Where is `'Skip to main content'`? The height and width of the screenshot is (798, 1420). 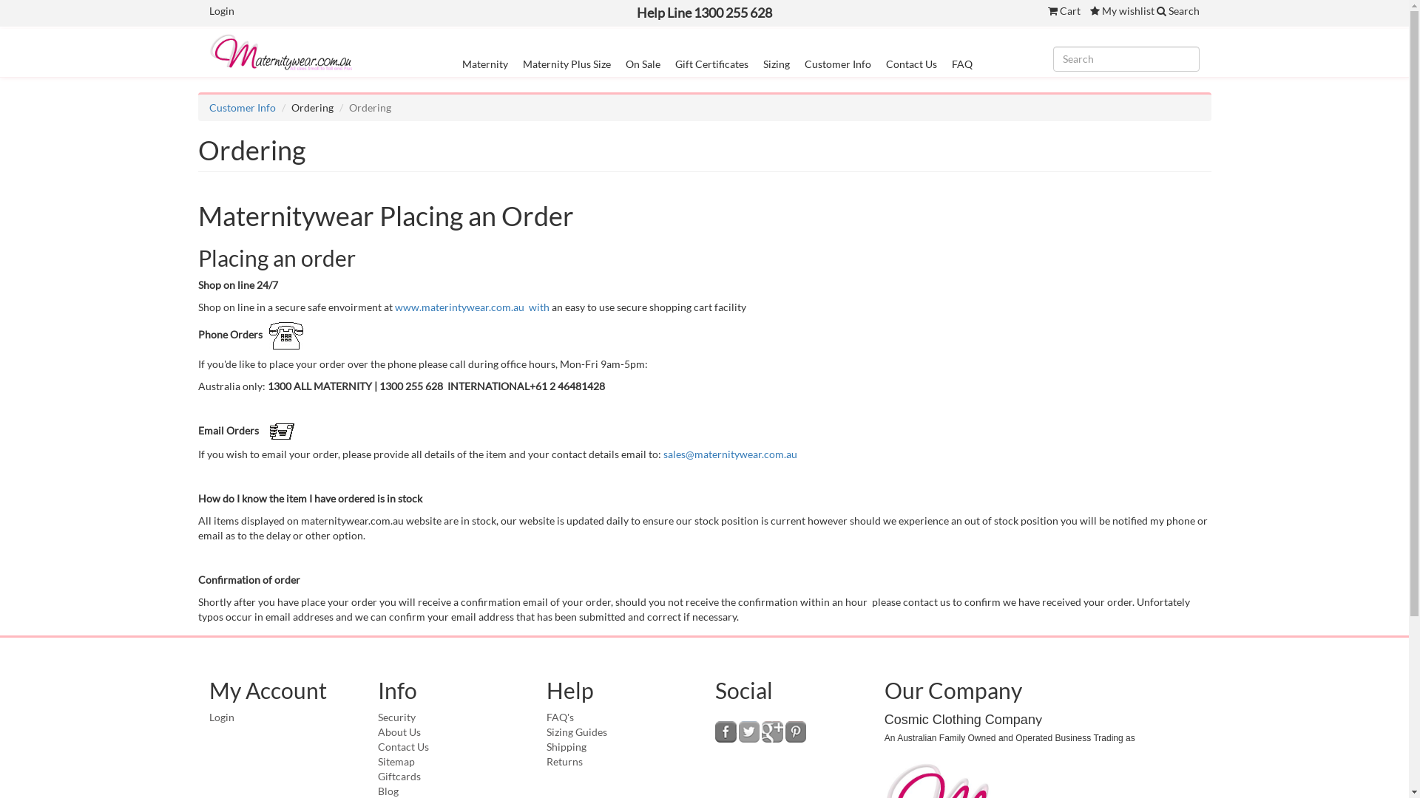 'Skip to main content' is located at coordinates (0, 0).